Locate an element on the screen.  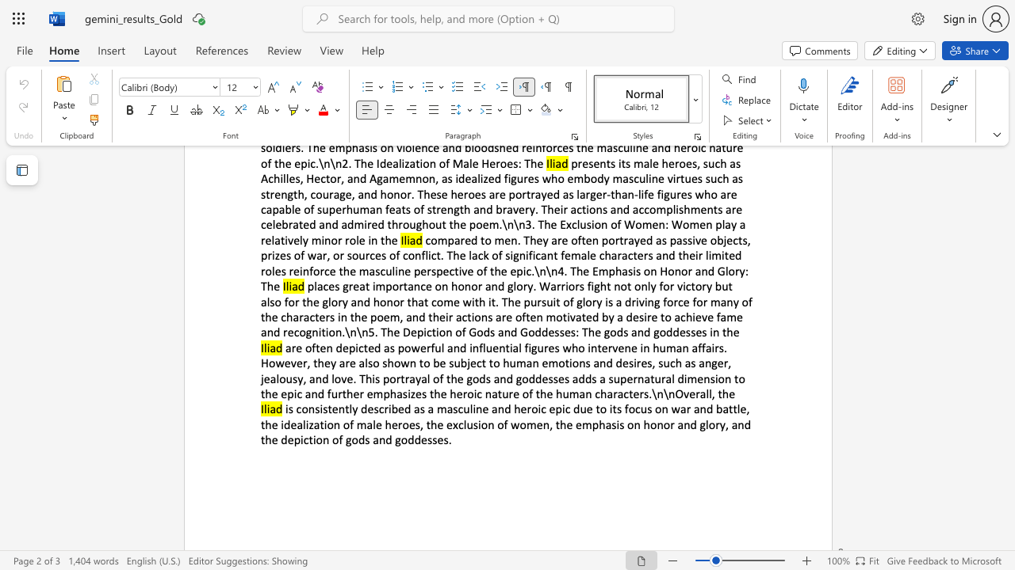
the subset text "in human affairs. However, they are also shown to be subject to" within the text "are often depicted as powerful and influential figures who intervene in human affairs. However, they are also shown to be subject to human emotions and desires, such as anger," is located at coordinates (640, 347).